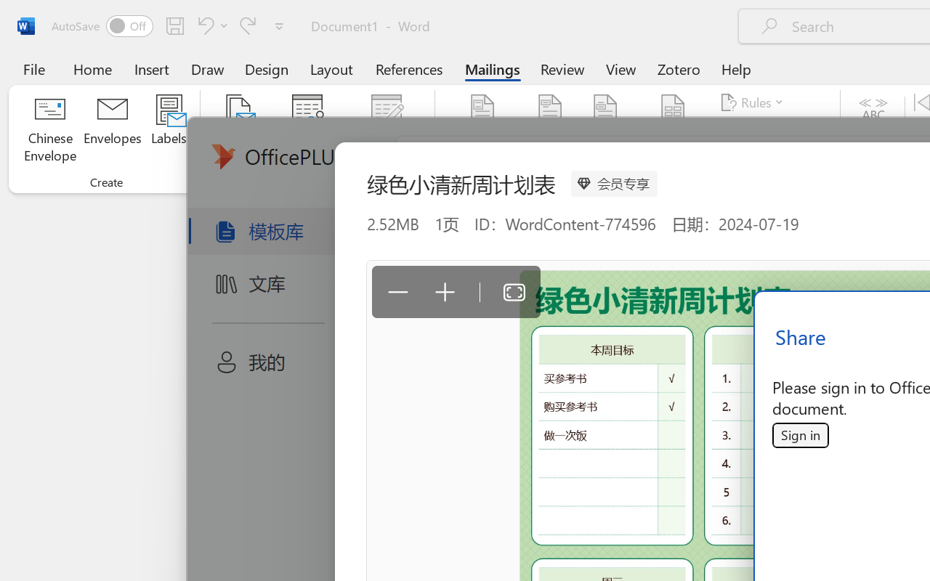 This screenshot has width=930, height=581. Describe the element at coordinates (112, 130) in the screenshot. I see `'Envelopes...'` at that location.